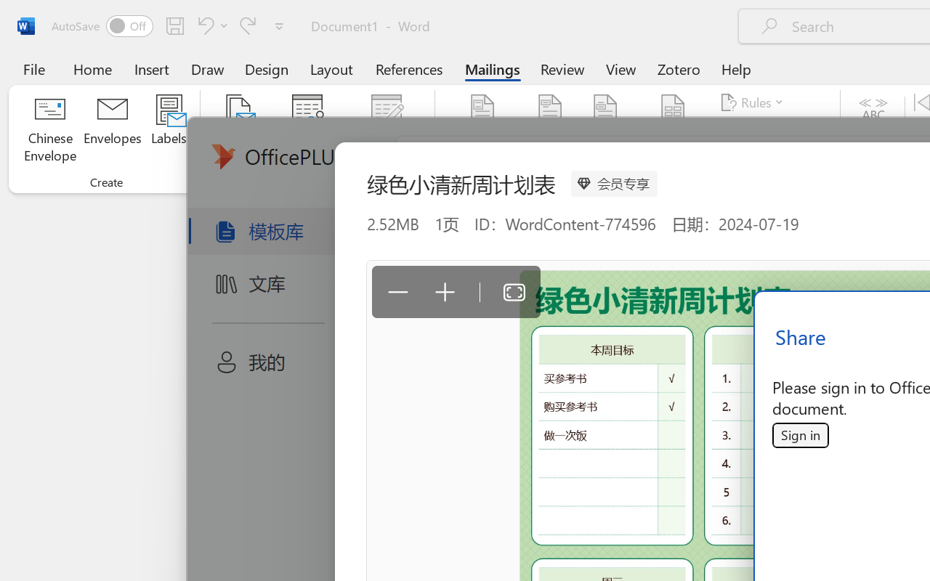 This screenshot has width=930, height=581. Describe the element at coordinates (112, 130) in the screenshot. I see `'Envelopes...'` at that location.